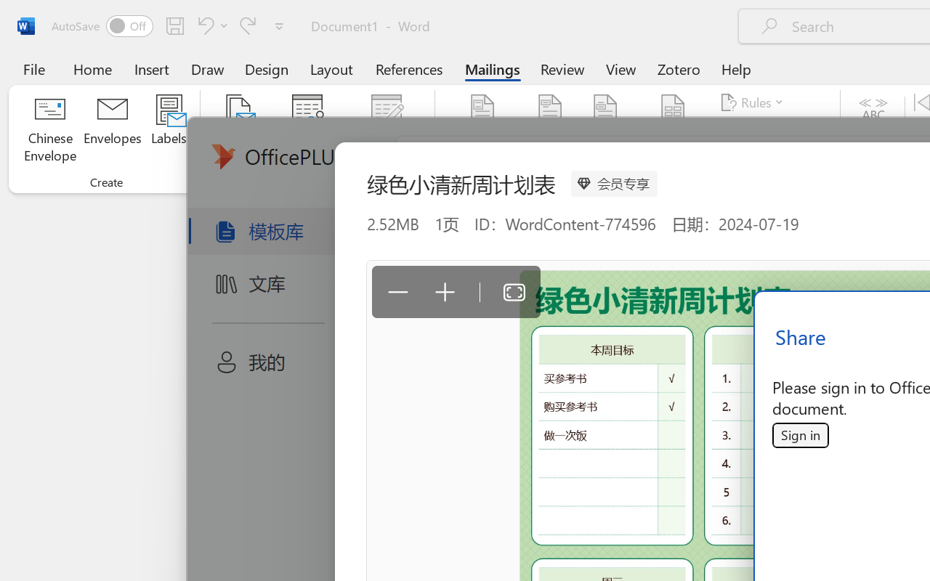 This screenshot has width=930, height=581. Describe the element at coordinates (112, 130) in the screenshot. I see `'Envelopes...'` at that location.